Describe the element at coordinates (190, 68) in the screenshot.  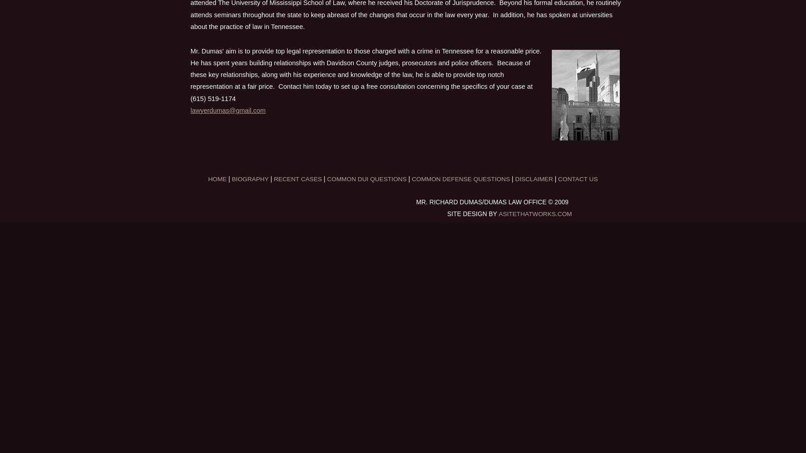
I see `'Mr. Dumas' aim is to provide top legal representation to those charged with a crime in Tennessee for a reasonable price.  He has spent years building relationships with Davidson County judges, prosecutors and police officers.  Because of these key relationships, along with his experience and knowledge of the law, he is able to provide top notch representation at a fair price.  Contact him today to set up a free consultation concerning the specifics of your case at'` at that location.